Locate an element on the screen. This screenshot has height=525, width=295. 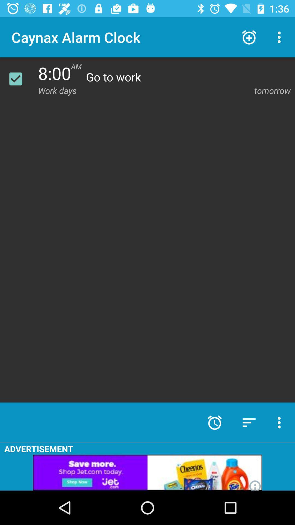
link to advertisement is located at coordinates (147, 472).